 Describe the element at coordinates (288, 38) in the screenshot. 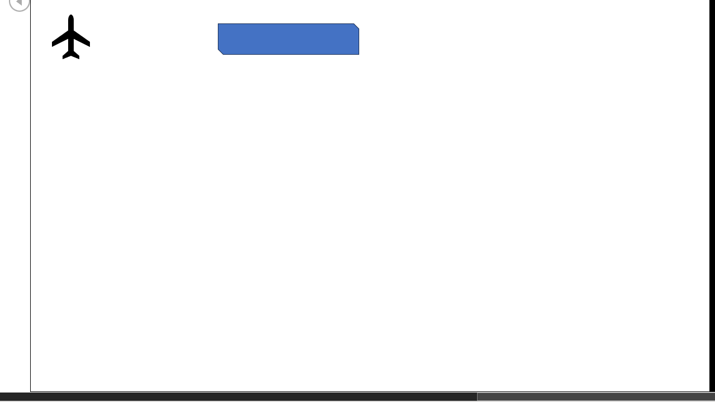

I see `'Rectangle: Diagonal Corners Snipped 2'` at that location.